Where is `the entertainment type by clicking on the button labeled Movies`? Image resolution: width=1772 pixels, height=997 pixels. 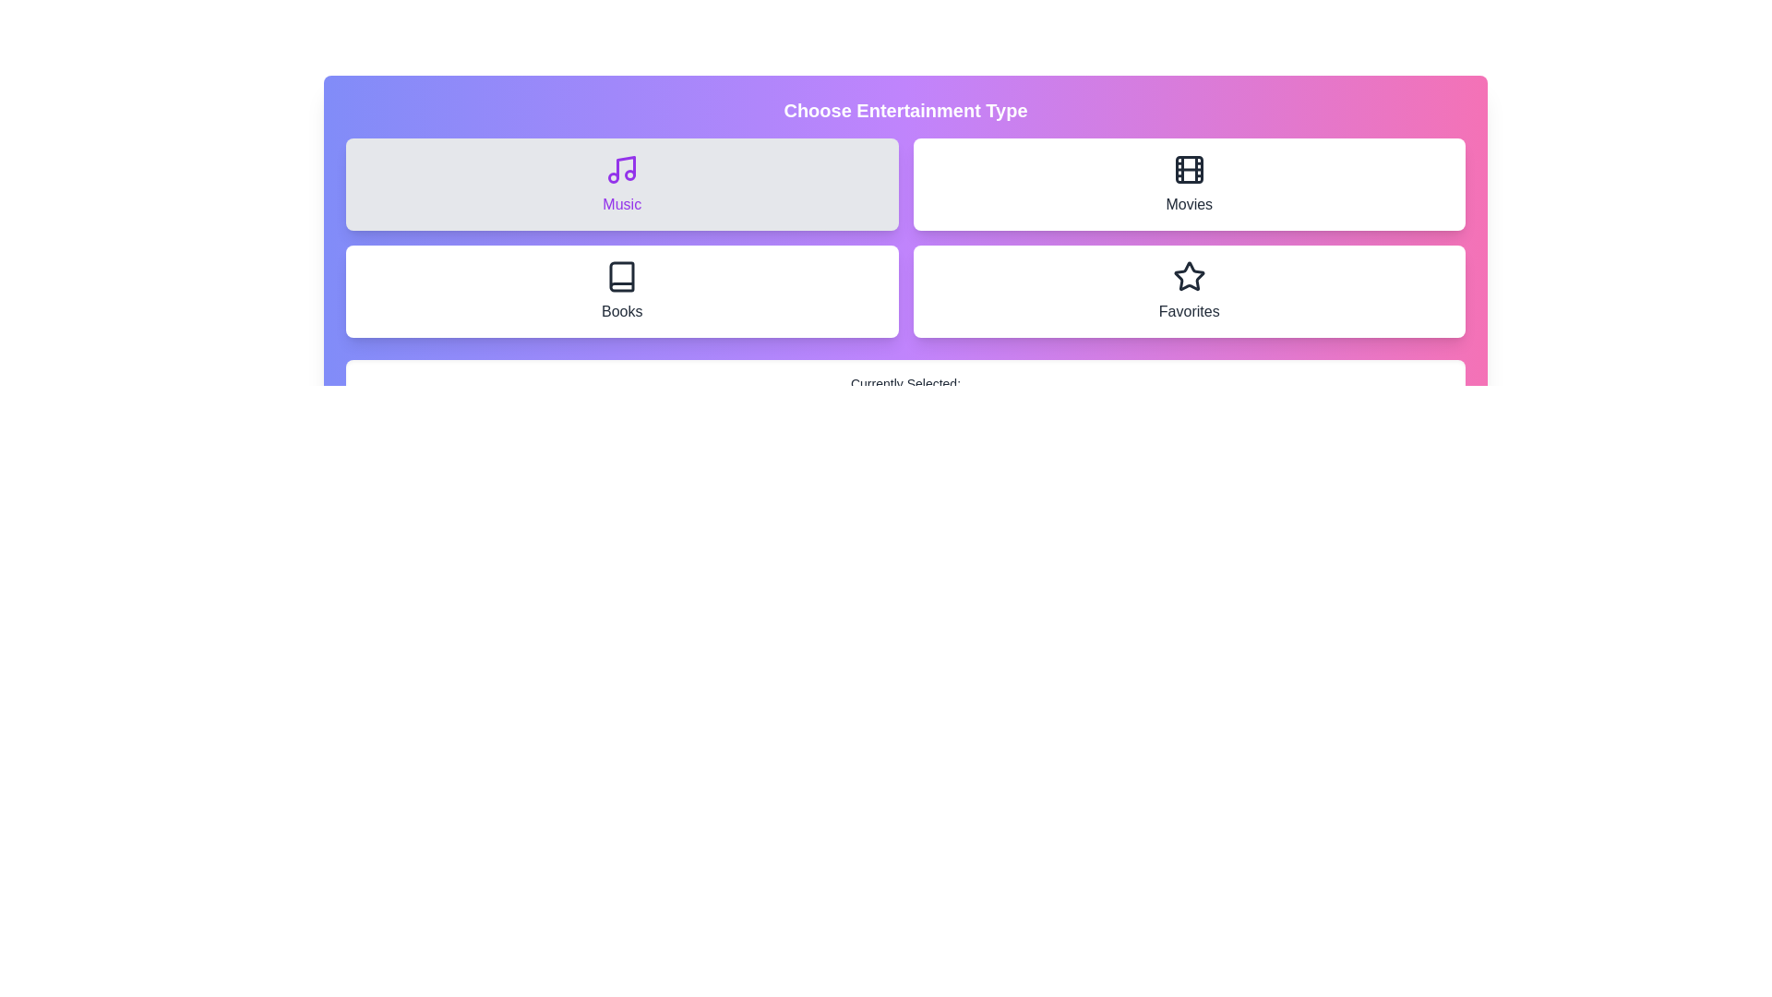 the entertainment type by clicking on the button labeled Movies is located at coordinates (1189, 185).